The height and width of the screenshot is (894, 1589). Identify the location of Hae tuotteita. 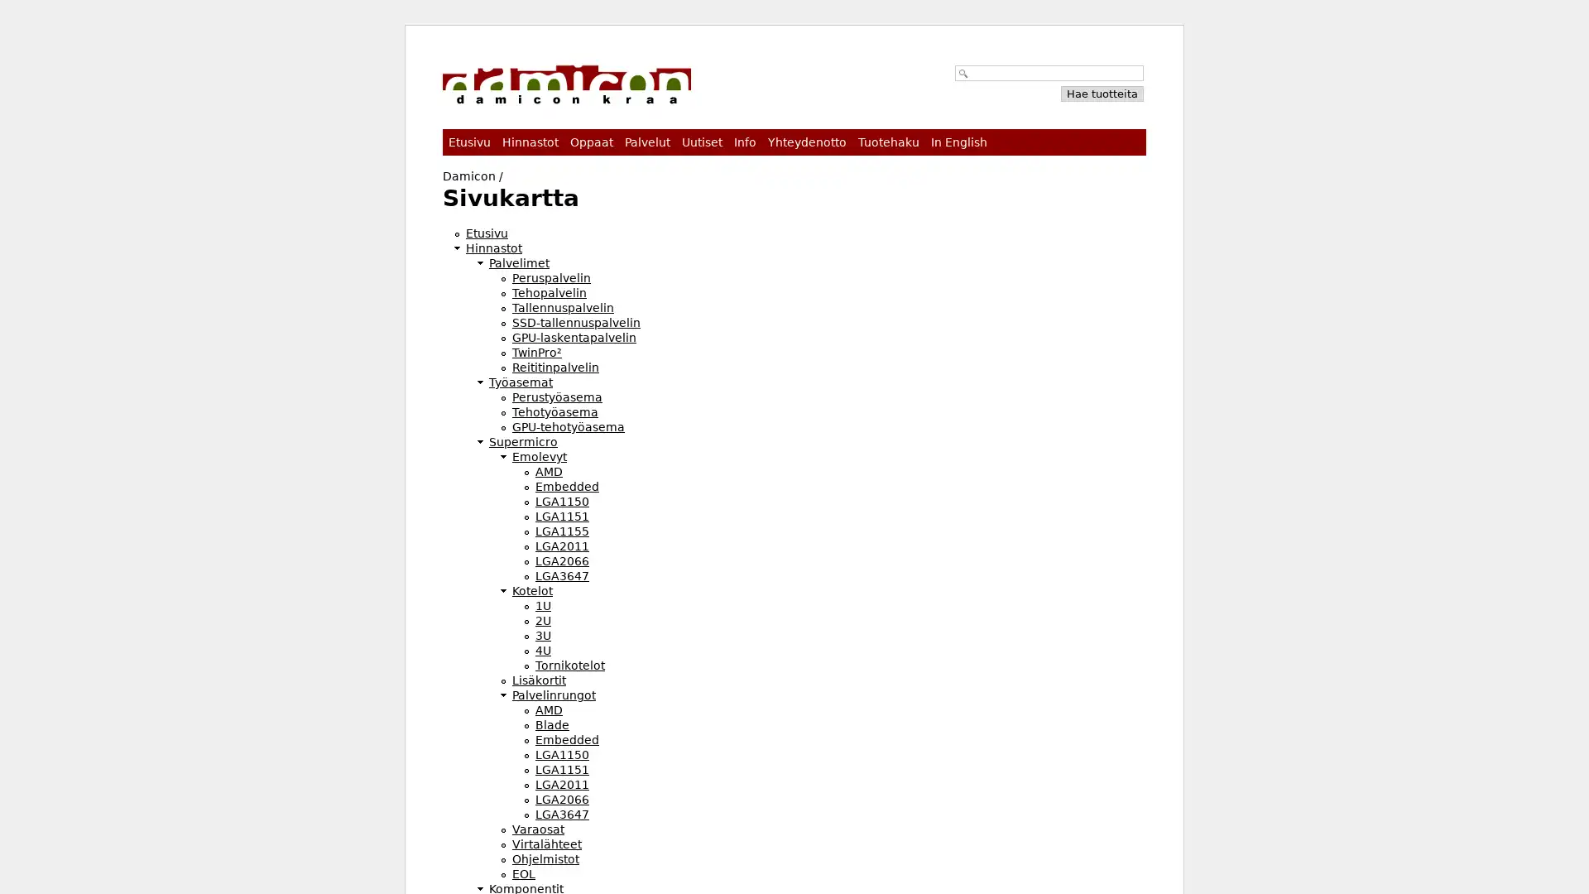
(1102, 94).